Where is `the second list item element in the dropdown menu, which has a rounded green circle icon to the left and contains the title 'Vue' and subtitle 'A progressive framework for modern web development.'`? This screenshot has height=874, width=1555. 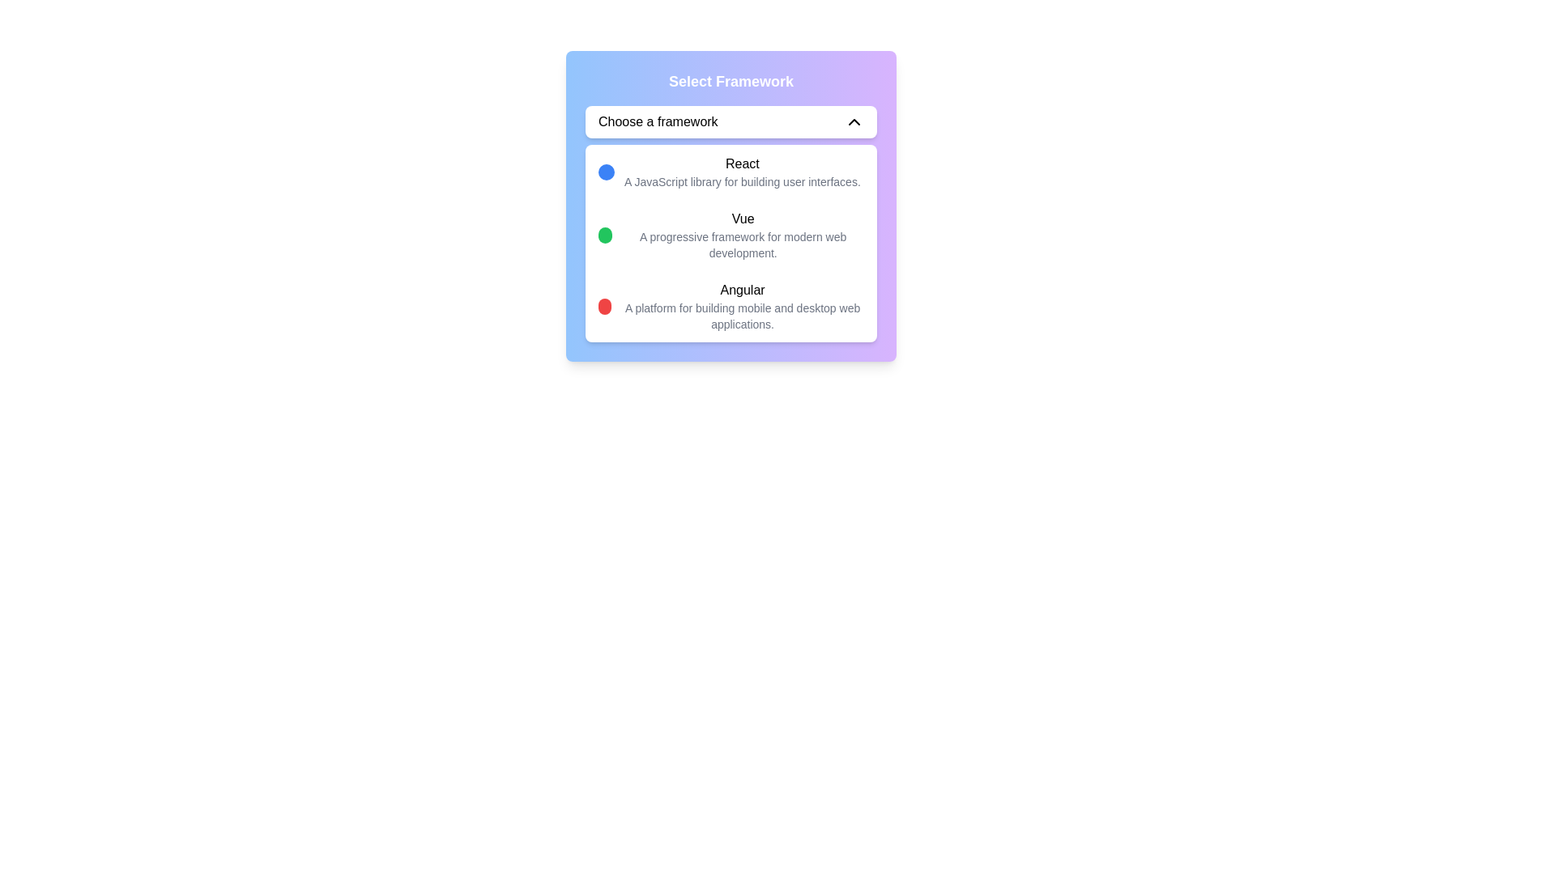 the second list item element in the dropdown menu, which has a rounded green circle icon to the left and contains the title 'Vue' and subtitle 'A progressive framework for modern web development.' is located at coordinates (730, 235).